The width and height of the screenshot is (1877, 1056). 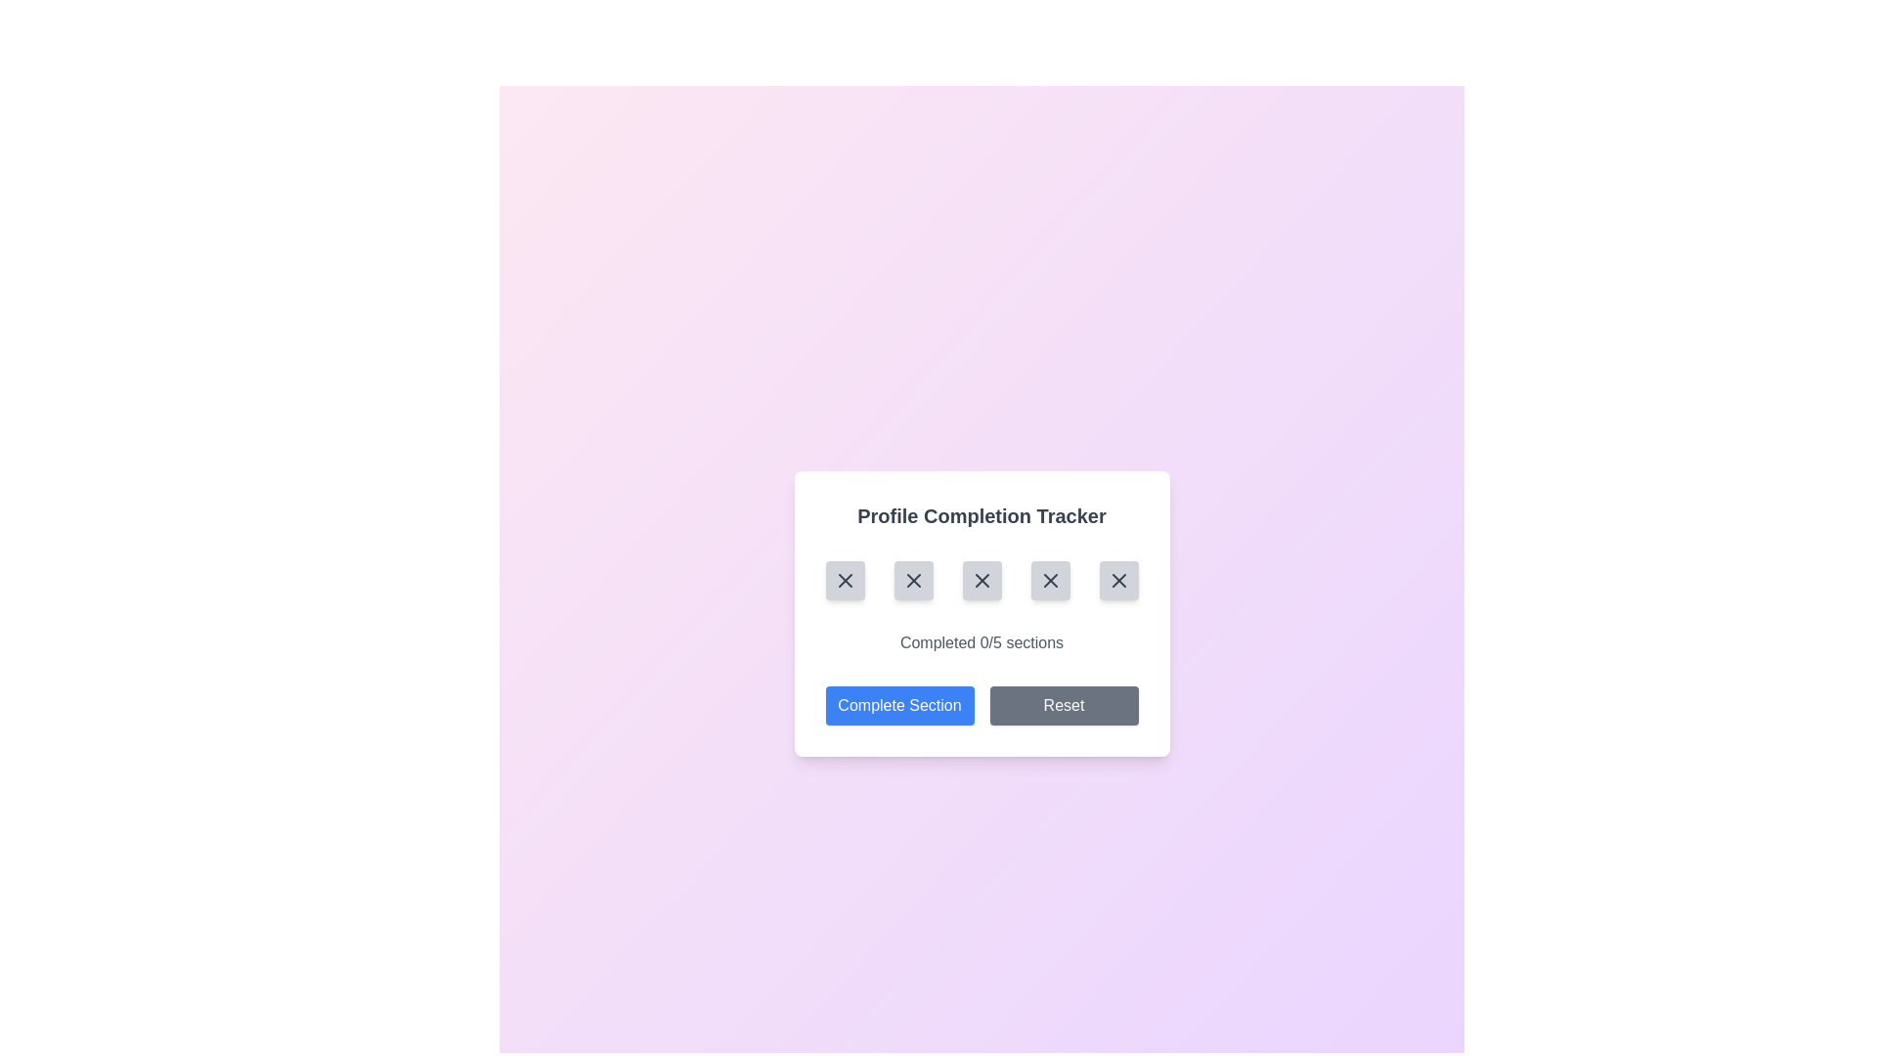 What do you see at coordinates (1049, 580) in the screenshot?
I see `the fourth button in the 'Profile Completion Tracker' modal to interact with it and mark it as complete` at bounding box center [1049, 580].